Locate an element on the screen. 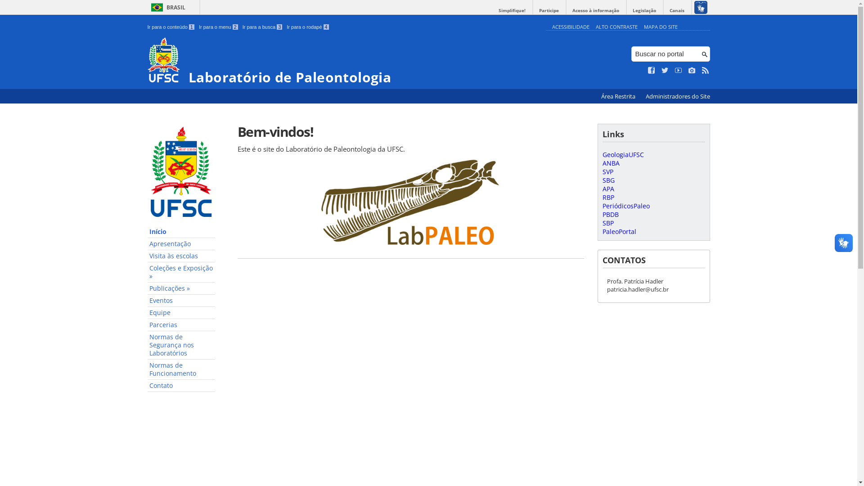 The height and width of the screenshot is (486, 864). 'Canais' is located at coordinates (677, 10).